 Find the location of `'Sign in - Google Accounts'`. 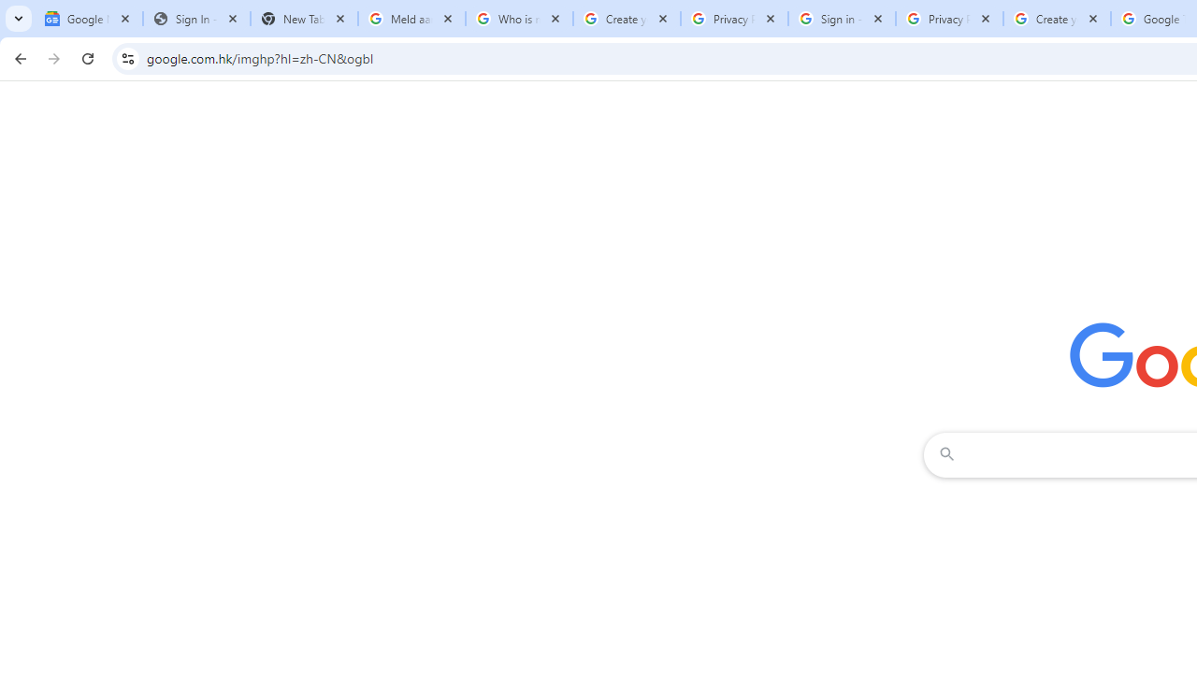

'Sign in - Google Accounts' is located at coordinates (841, 19).